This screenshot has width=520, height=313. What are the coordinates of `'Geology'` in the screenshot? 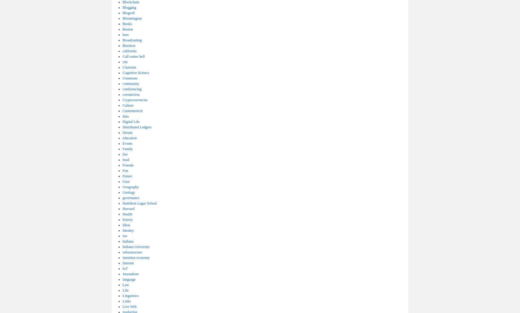 It's located at (122, 192).